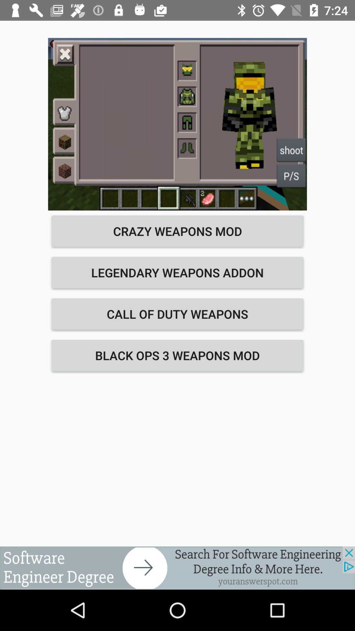 This screenshot has width=355, height=631. Describe the element at coordinates (177, 568) in the screenshot. I see `this site` at that location.